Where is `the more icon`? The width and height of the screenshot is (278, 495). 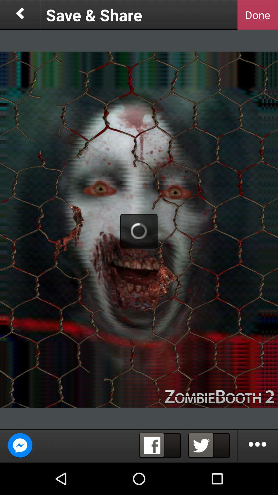 the more icon is located at coordinates (258, 477).